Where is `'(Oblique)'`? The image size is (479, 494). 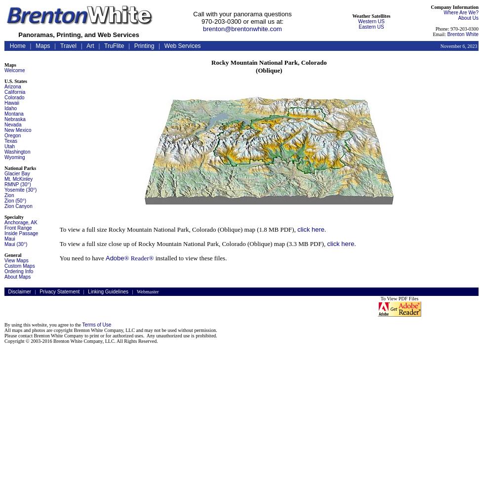
'(Oblique)' is located at coordinates (268, 70).